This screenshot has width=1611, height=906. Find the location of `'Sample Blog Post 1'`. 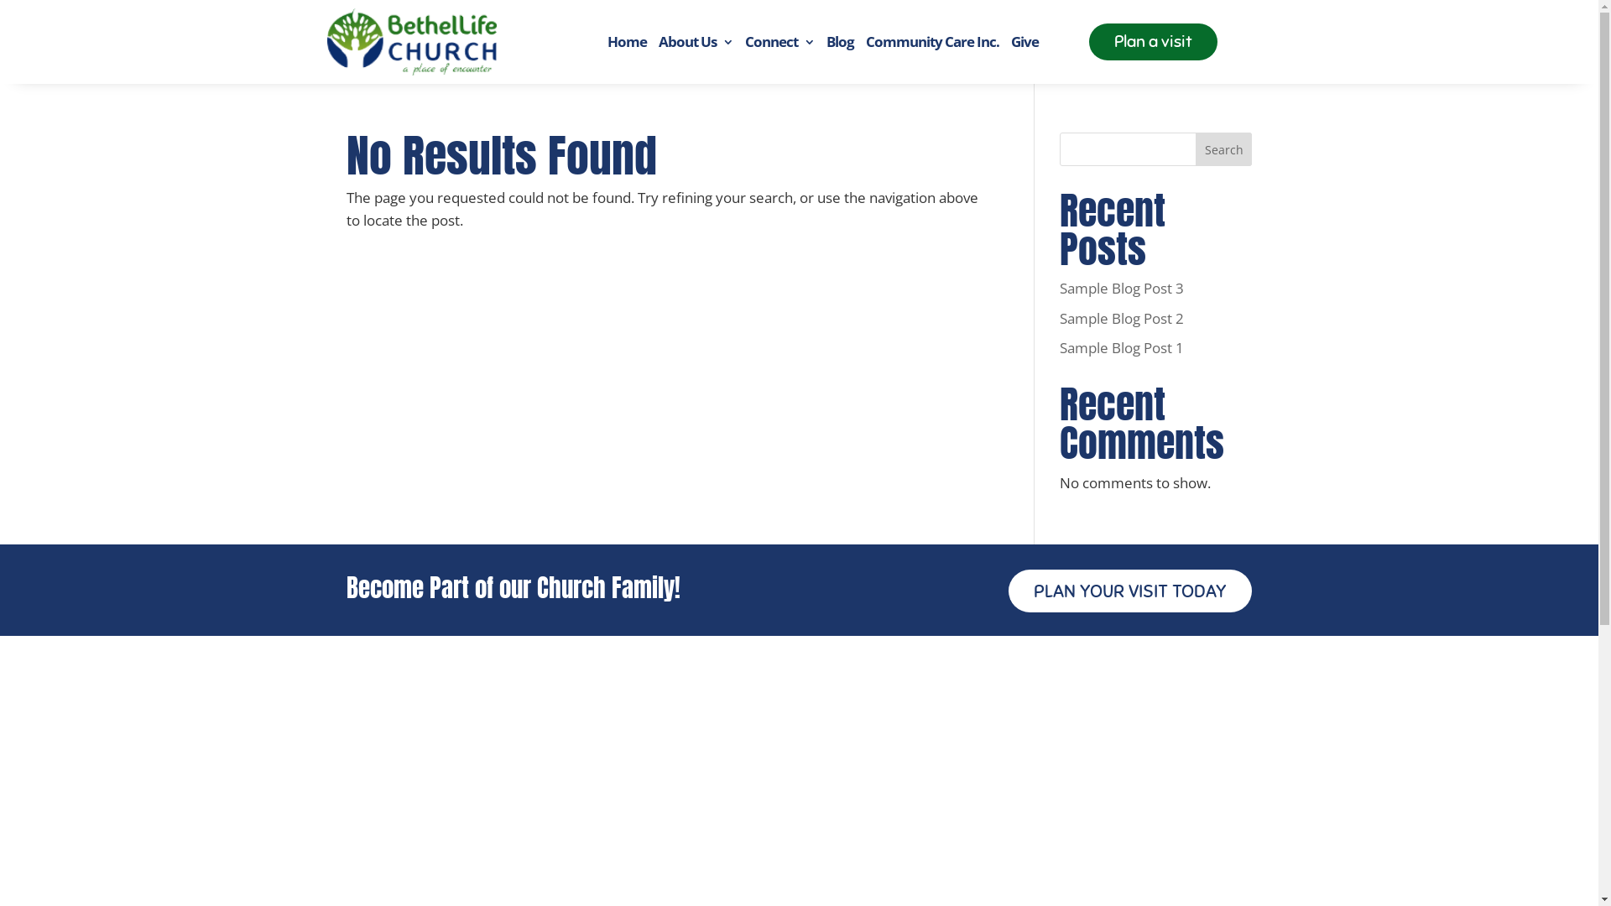

'Sample Blog Post 1' is located at coordinates (1122, 346).